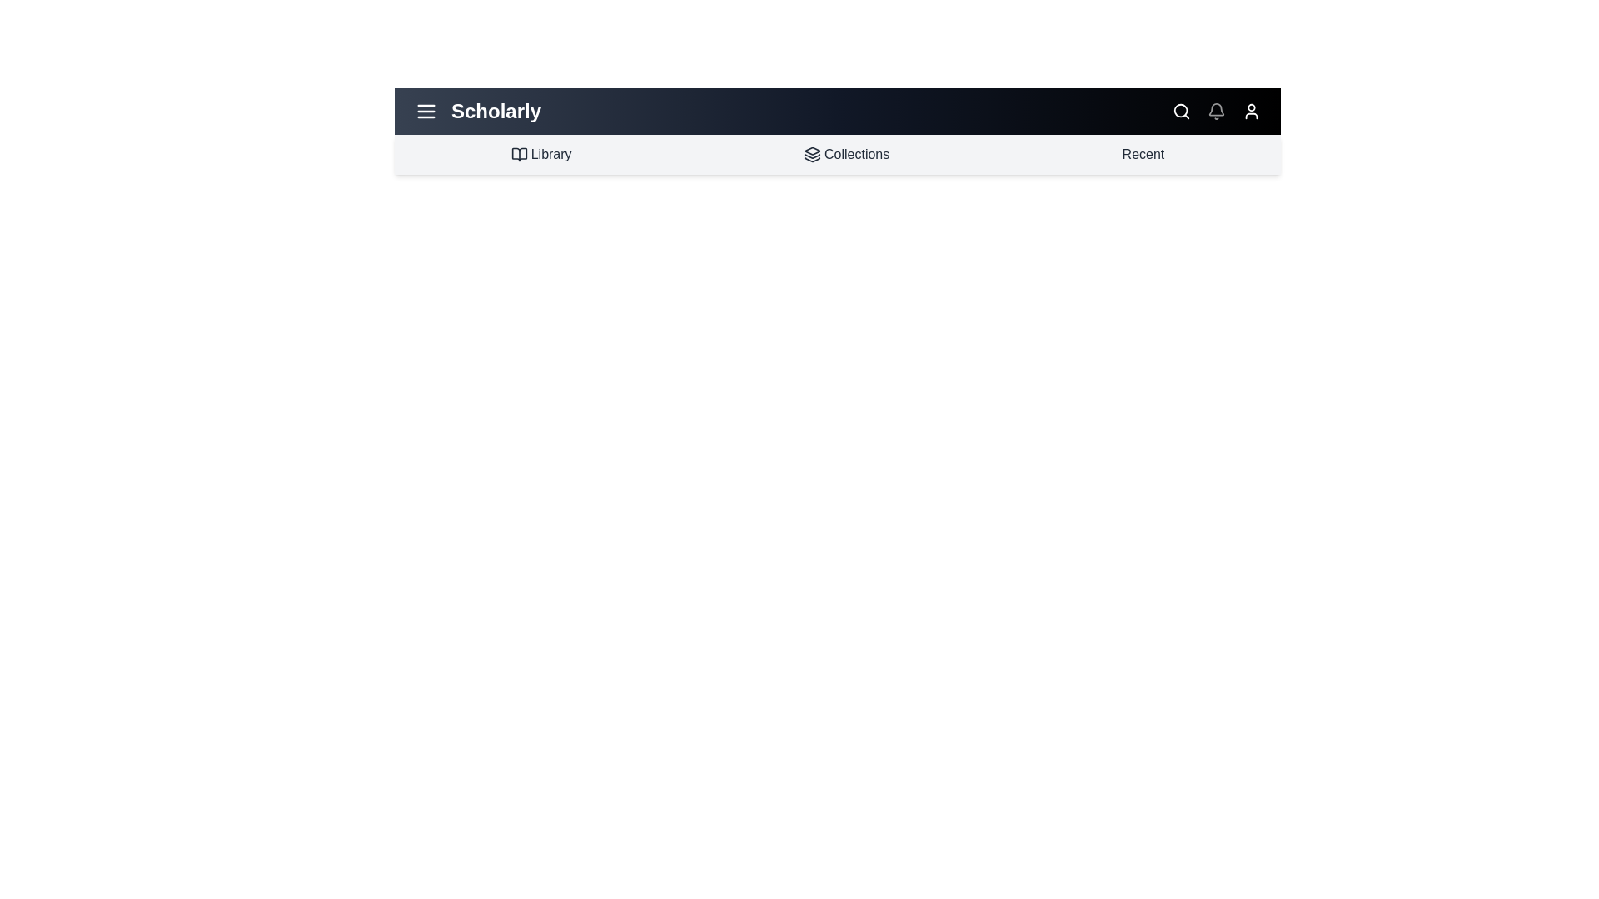 The image size is (1599, 899). I want to click on the notifications icon in the app bar, so click(1216, 112).